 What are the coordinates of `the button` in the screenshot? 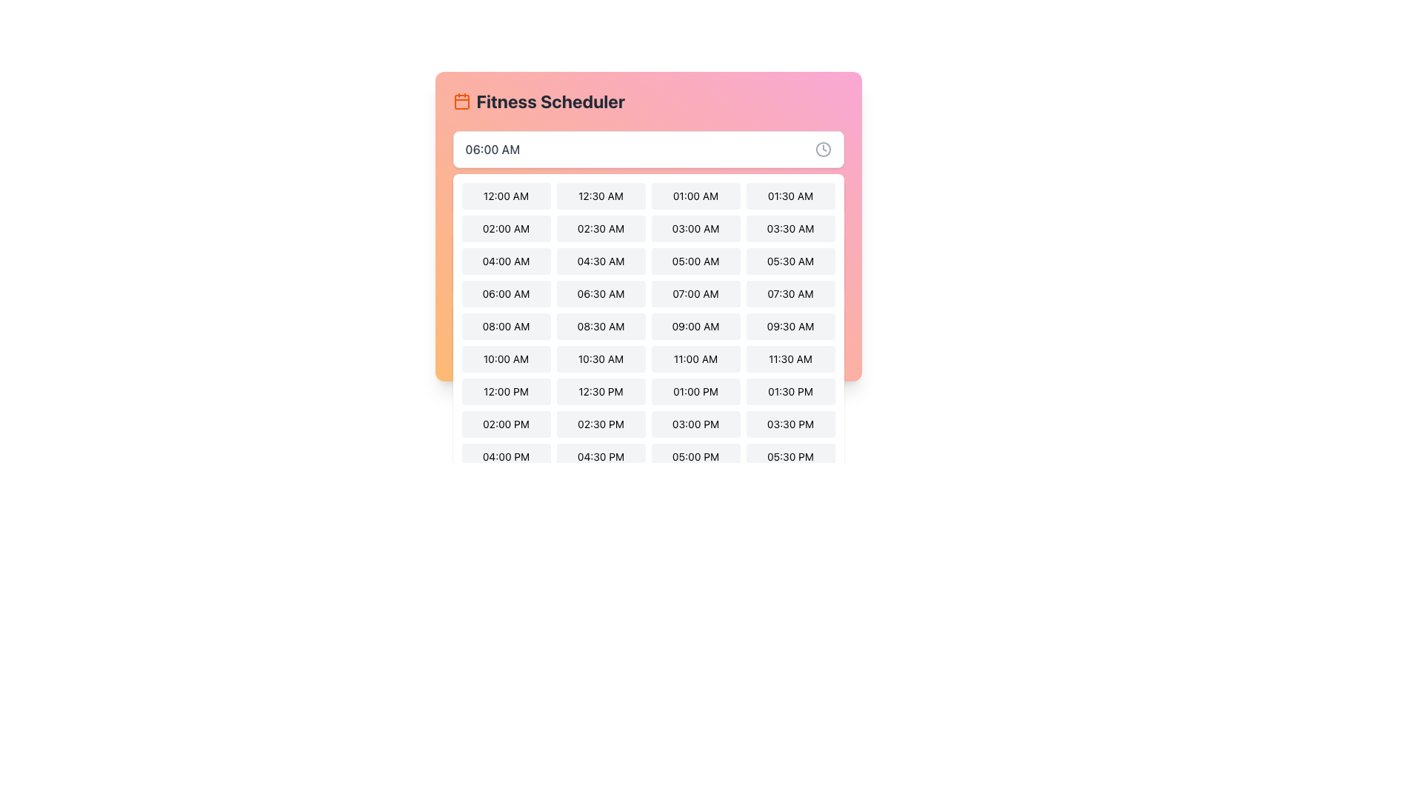 It's located at (601, 261).